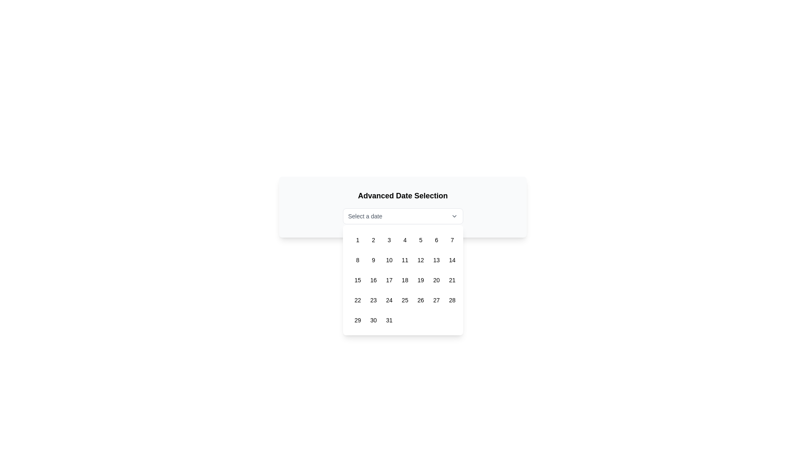 This screenshot has width=802, height=451. I want to click on the small square-shaped button with rounded corners containing the number '28', so click(452, 299).